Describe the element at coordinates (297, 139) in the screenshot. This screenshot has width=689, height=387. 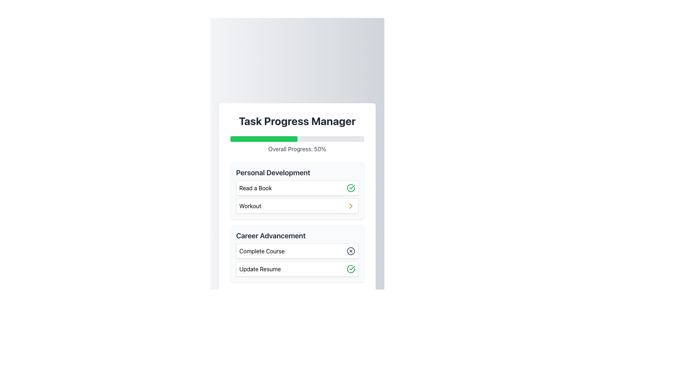
I see `the progress bar that indicates 50% completion status, located between the 'Task Progress Manager' title and the text 'Overall Progress: 50%'` at that location.